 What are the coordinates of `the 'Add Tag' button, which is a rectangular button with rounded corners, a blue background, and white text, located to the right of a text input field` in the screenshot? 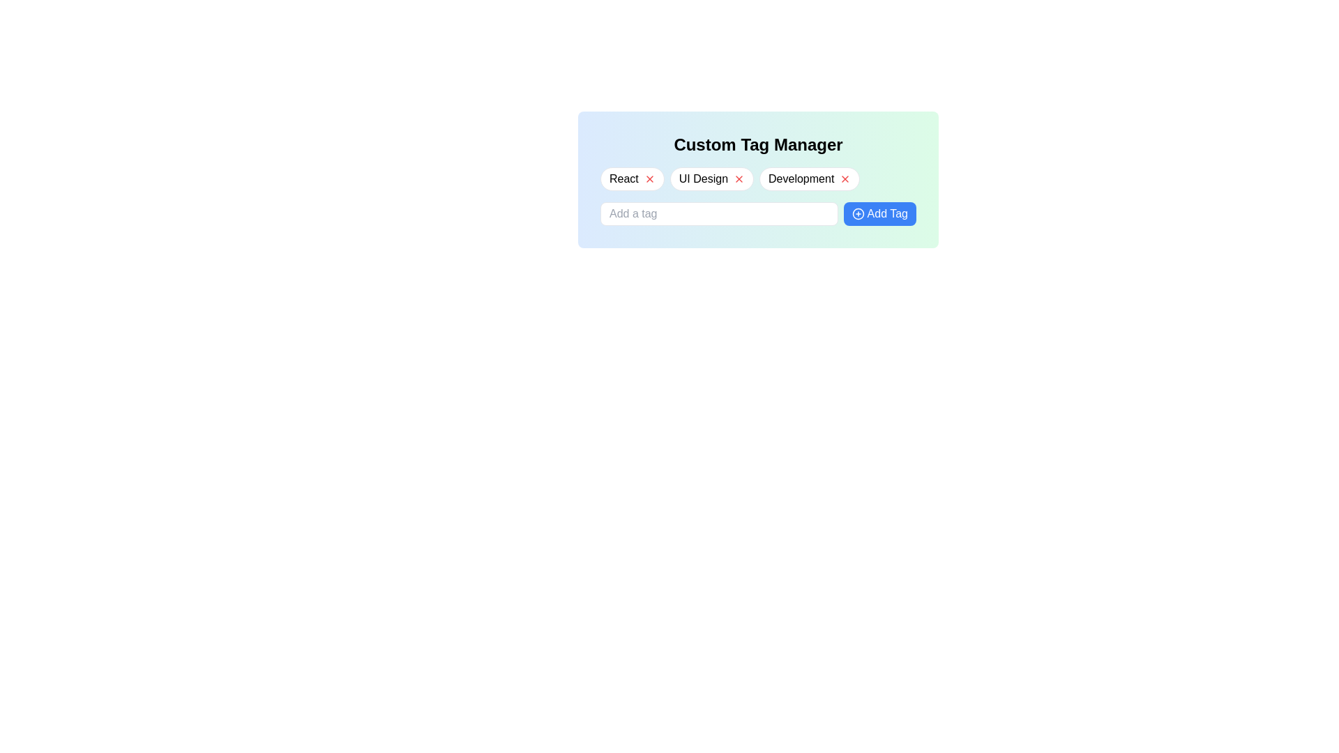 It's located at (879, 214).